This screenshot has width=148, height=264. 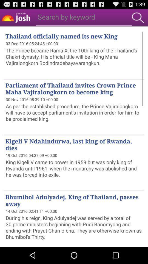 I want to click on searches with the text in the bar, so click(x=138, y=18).